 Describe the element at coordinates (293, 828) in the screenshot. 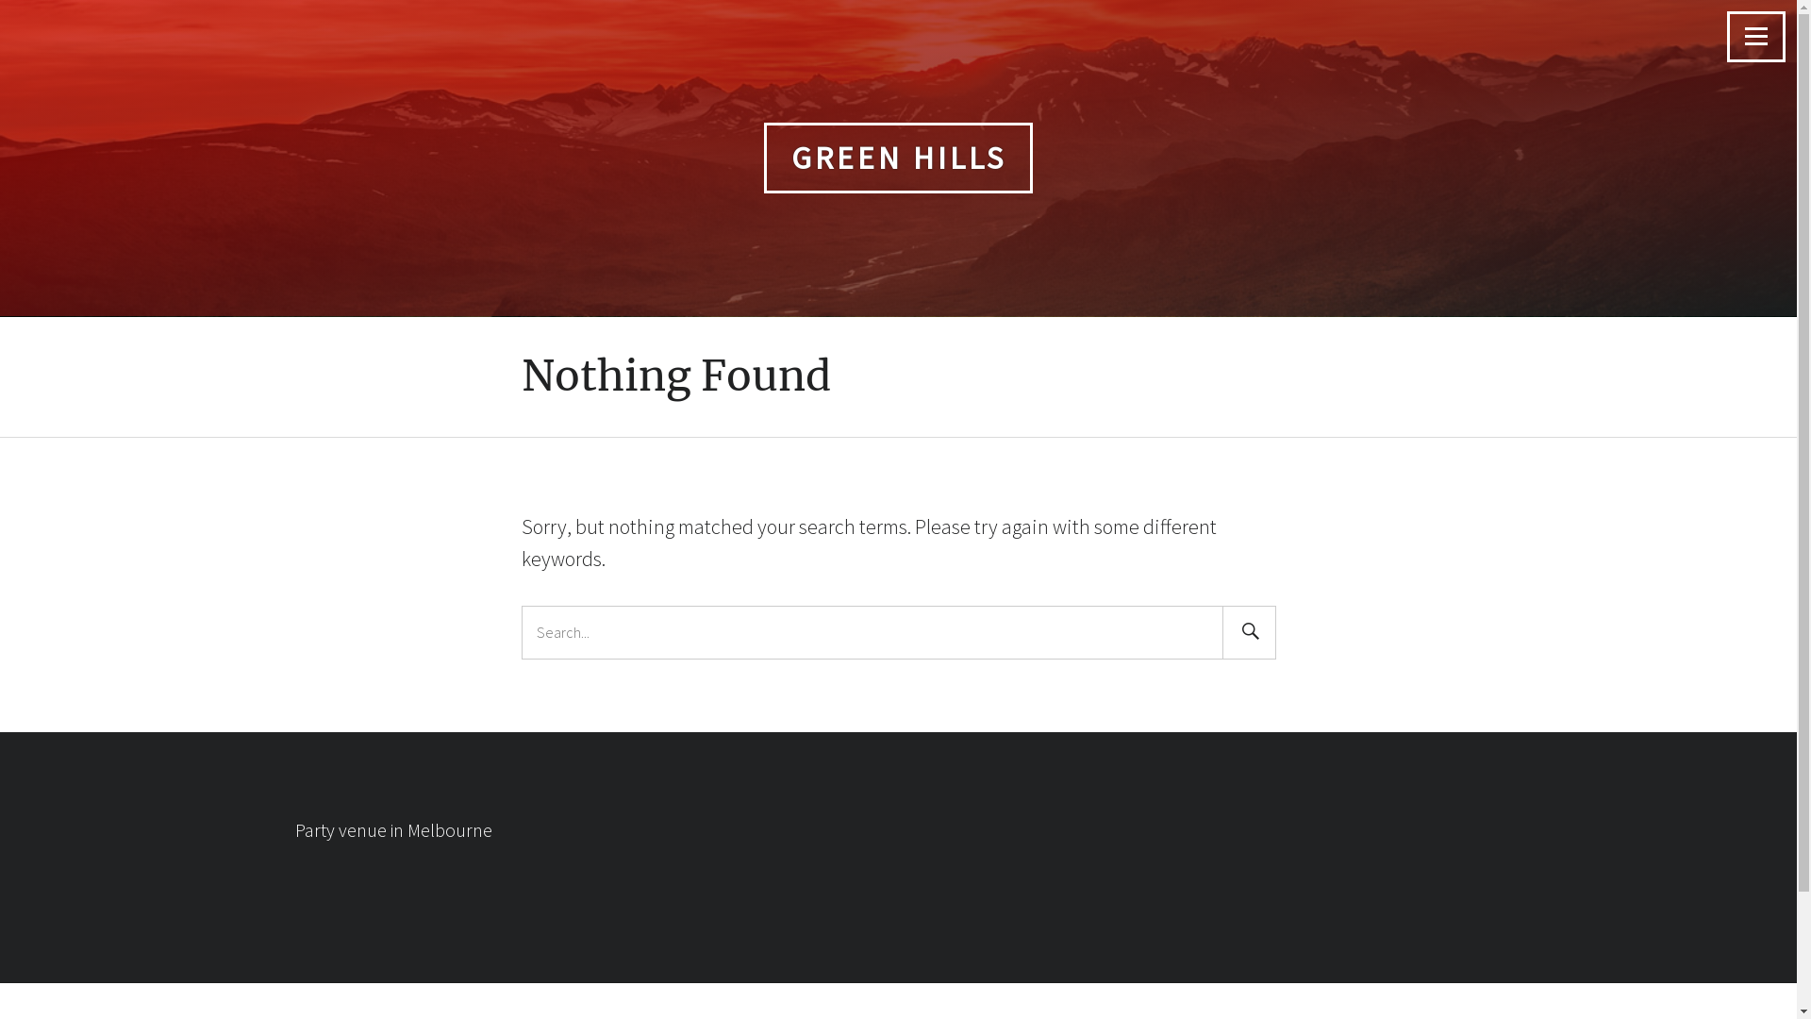

I see `'Party venue in Melbourne'` at that location.